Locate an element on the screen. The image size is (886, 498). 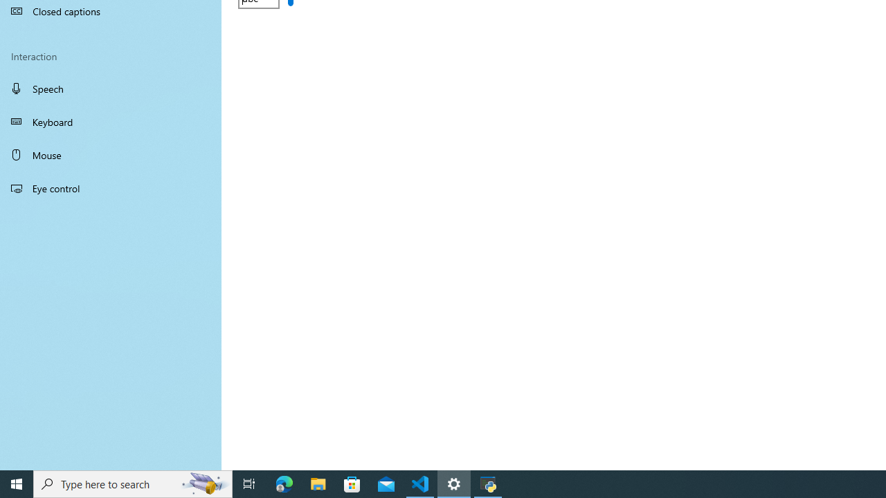
'Microsoft Store' is located at coordinates (352, 483).